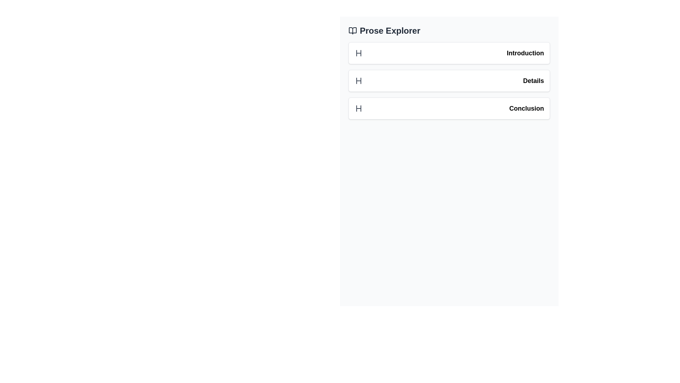 This screenshot has height=383, width=680. What do you see at coordinates (449, 108) in the screenshot?
I see `the 'Conclusion' navigation item in the 'Prose Explorer' section for keyboard navigation` at bounding box center [449, 108].